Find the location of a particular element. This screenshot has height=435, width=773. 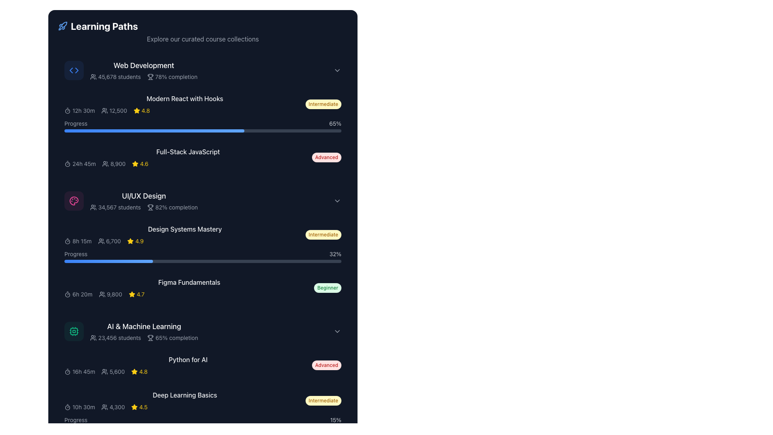

the first List item block in the learning paths section is located at coordinates (199, 70).